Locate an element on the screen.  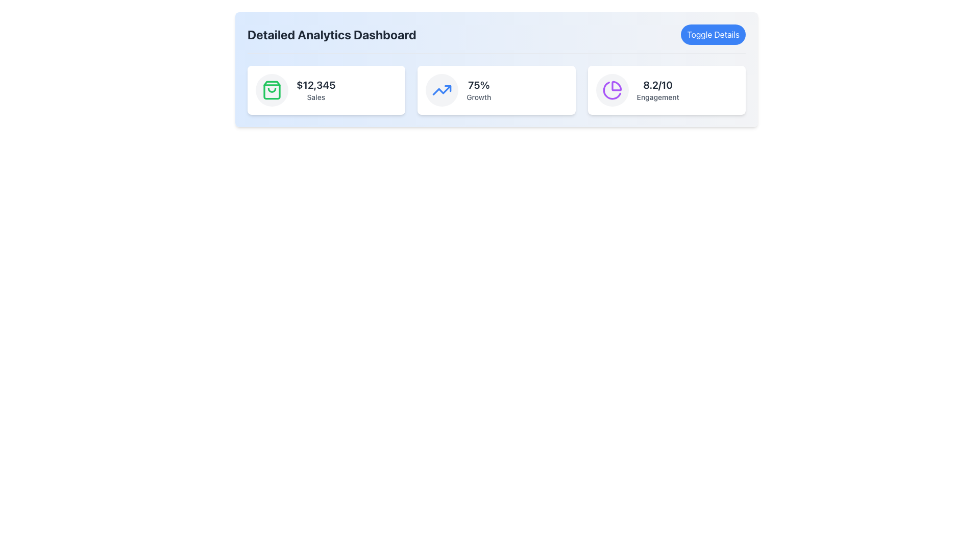
the '75%' percentage value Text Label that displays the Growth metric in the analytics dashboard, located in the second card at the top center position is located at coordinates (478, 84).